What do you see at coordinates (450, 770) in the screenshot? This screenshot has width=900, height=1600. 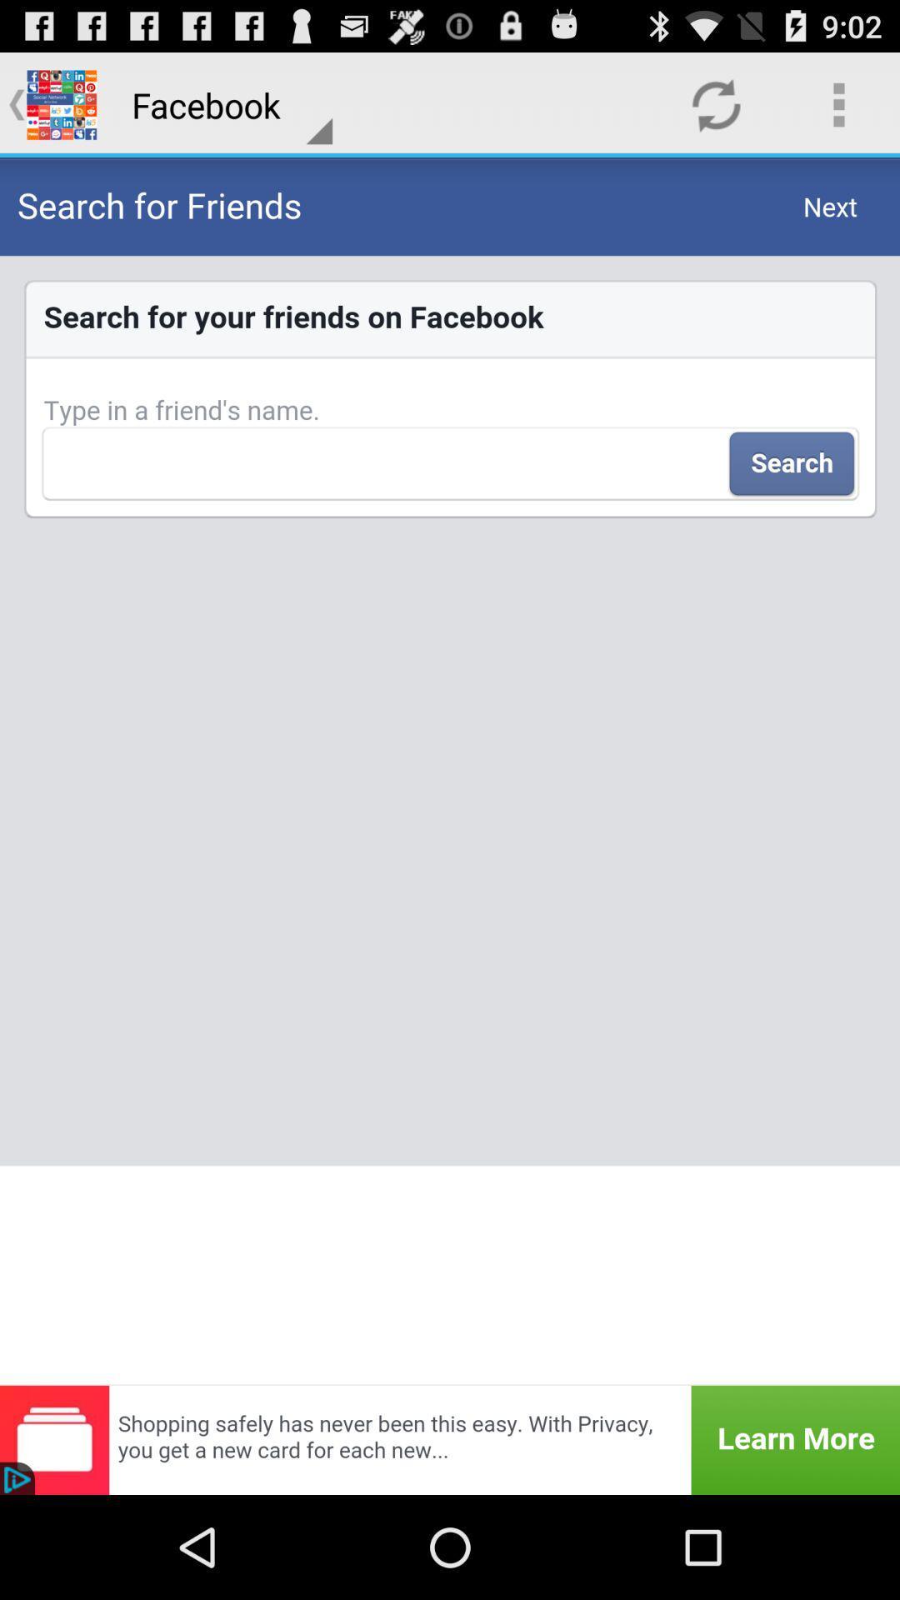 I see `the item below facebook item` at bounding box center [450, 770].